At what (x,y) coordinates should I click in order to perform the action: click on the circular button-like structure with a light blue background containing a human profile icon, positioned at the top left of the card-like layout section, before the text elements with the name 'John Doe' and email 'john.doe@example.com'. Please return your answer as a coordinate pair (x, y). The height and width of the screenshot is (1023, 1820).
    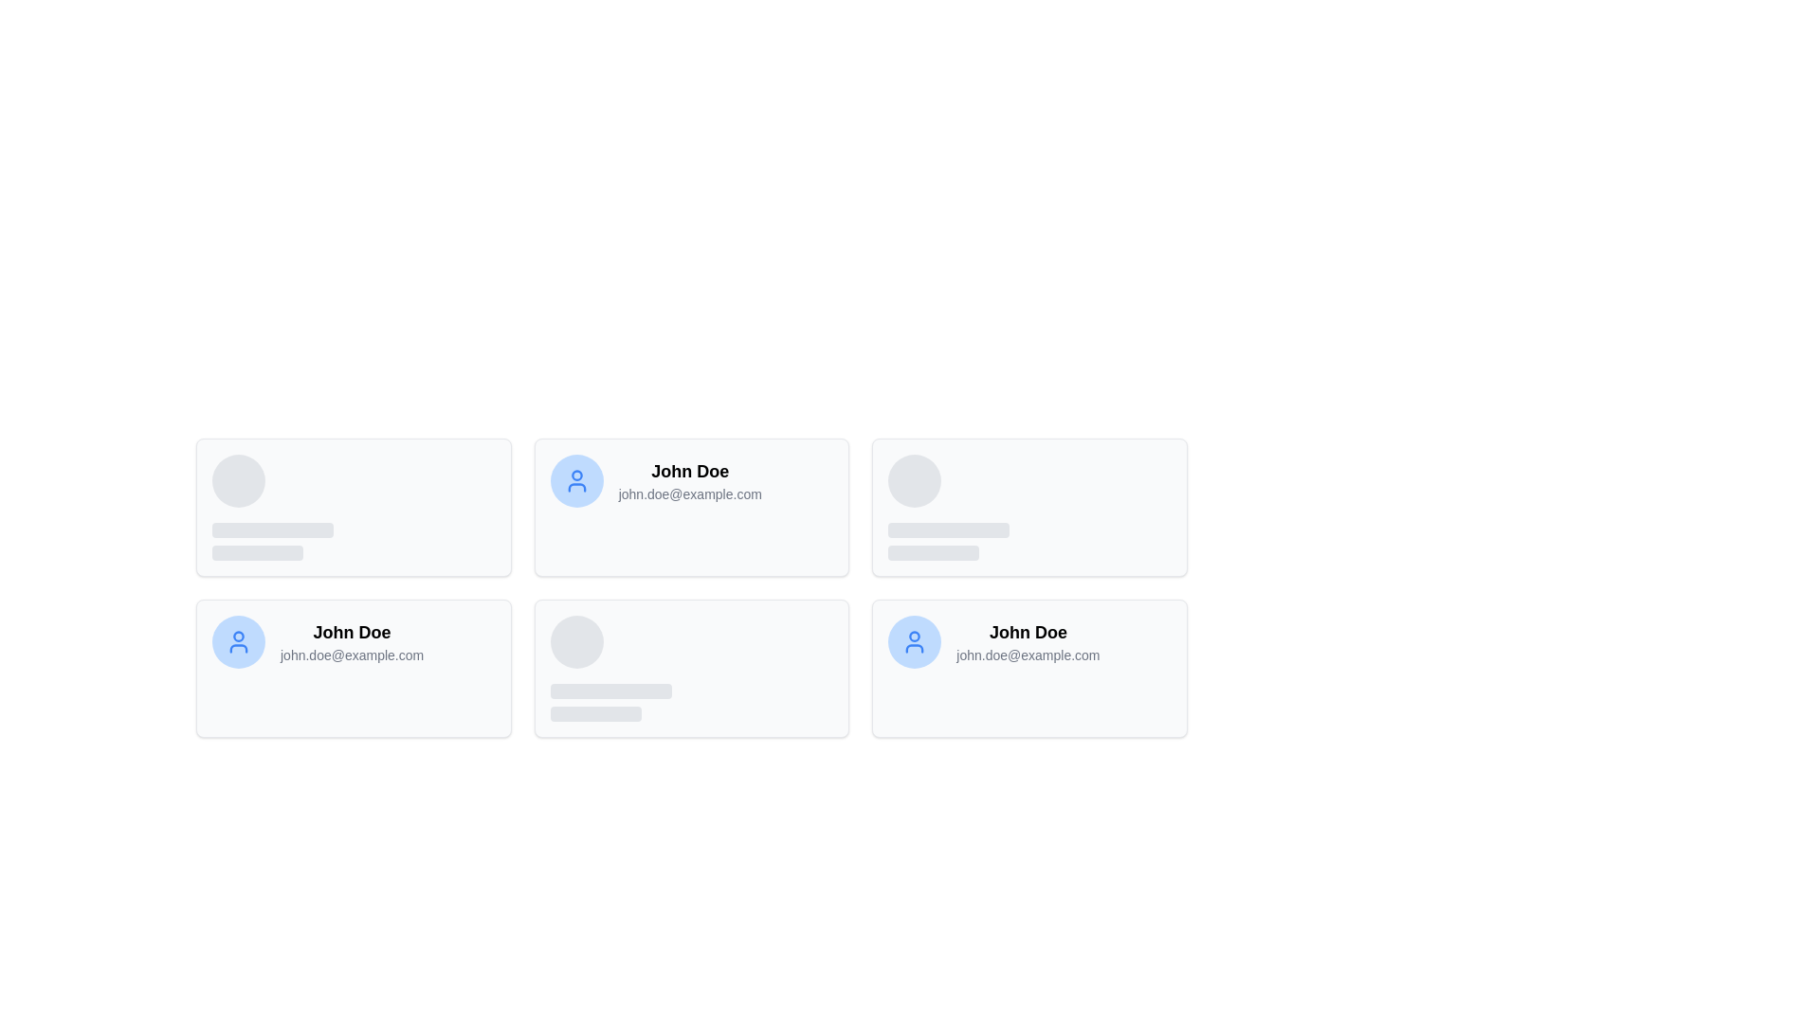
    Looking at the image, I should click on (915, 641).